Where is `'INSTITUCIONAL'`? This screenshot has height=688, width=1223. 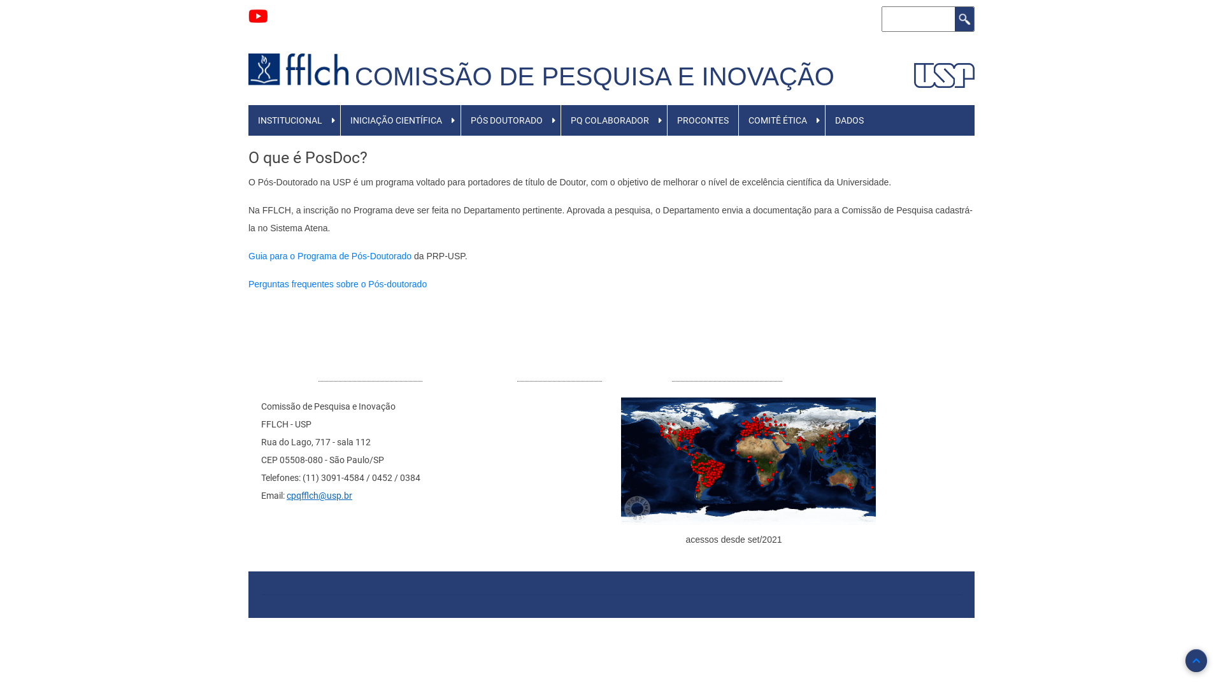
'INSTITUCIONAL' is located at coordinates (289, 120).